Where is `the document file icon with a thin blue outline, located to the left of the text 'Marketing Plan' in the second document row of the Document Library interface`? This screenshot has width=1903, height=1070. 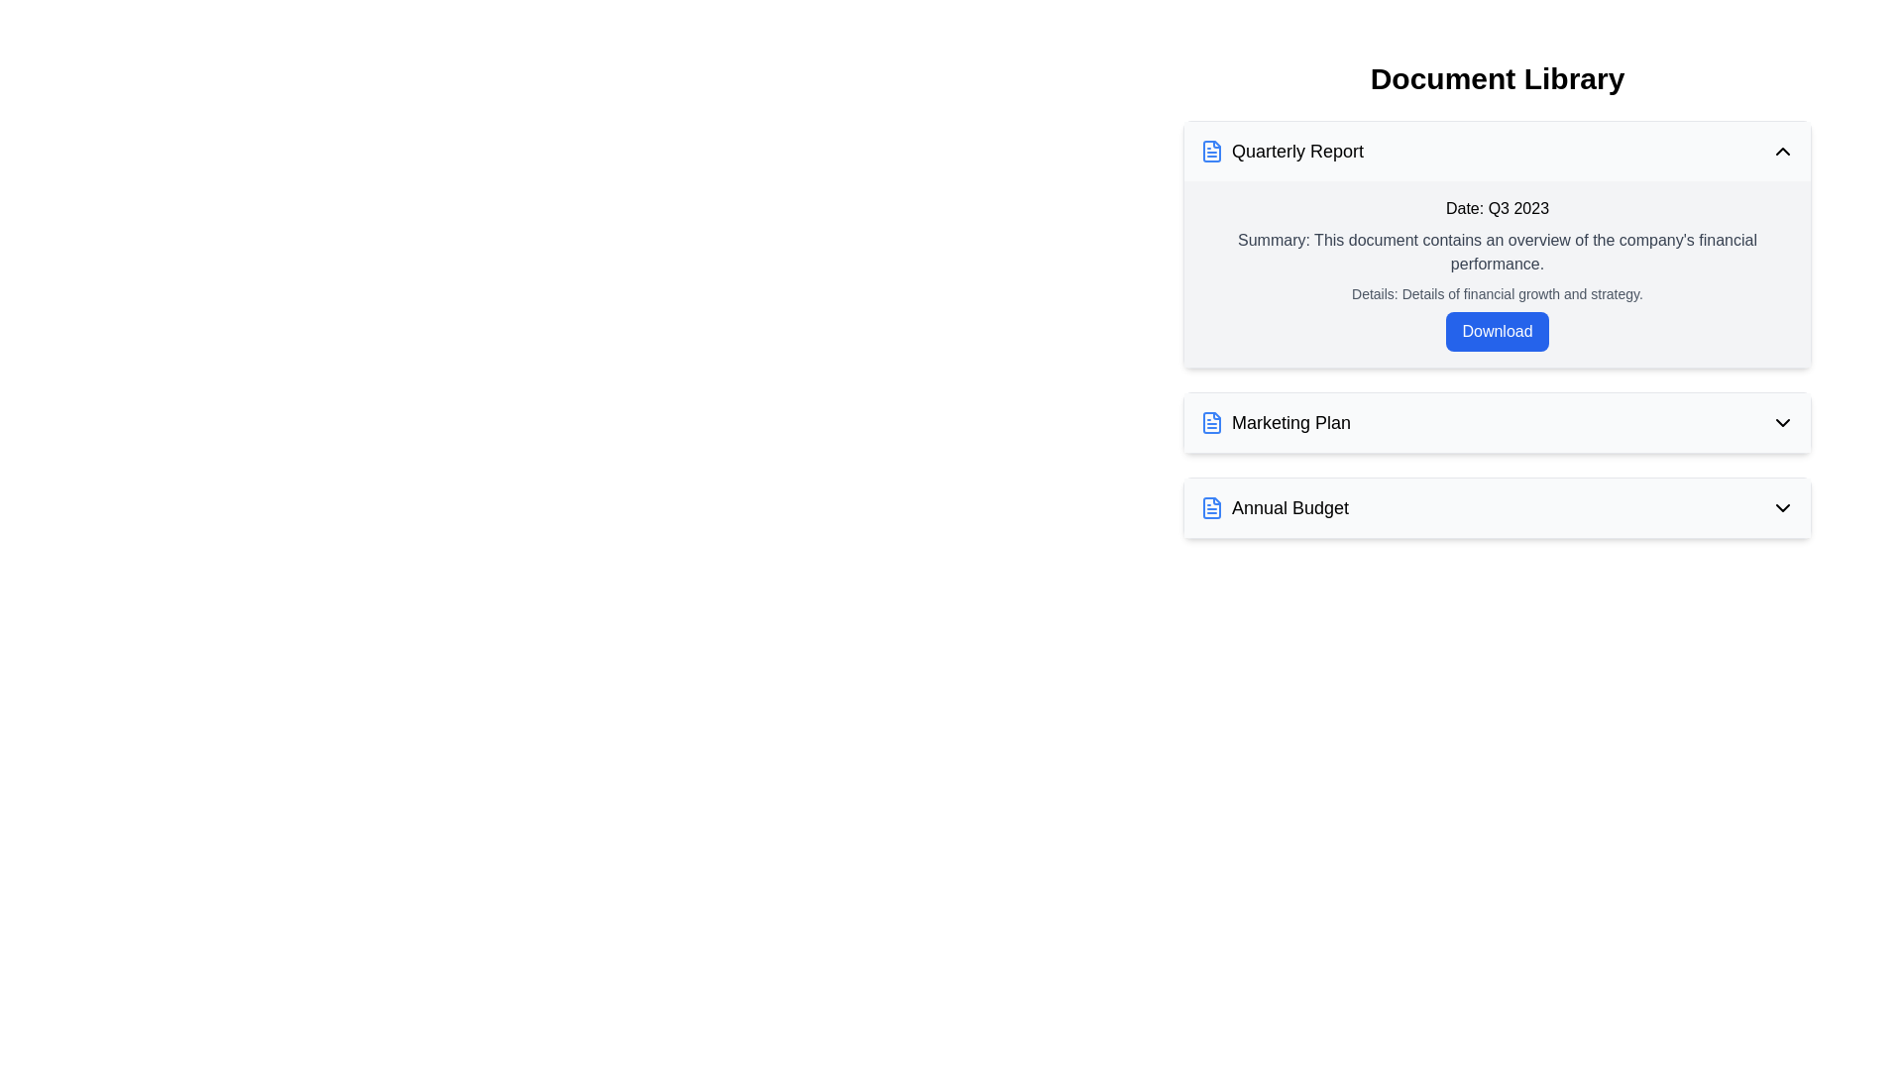
the document file icon with a thin blue outline, located to the left of the text 'Marketing Plan' in the second document row of the Document Library interface is located at coordinates (1211, 422).